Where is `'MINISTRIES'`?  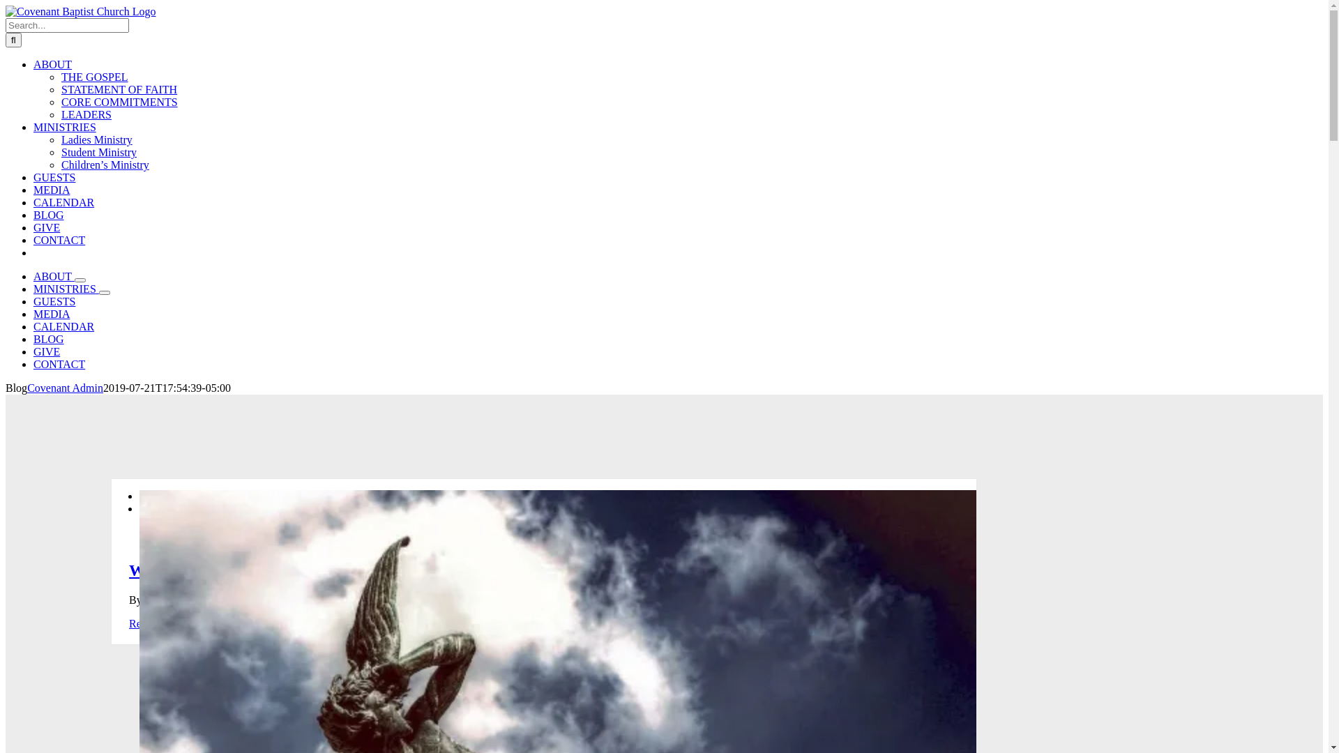 'MINISTRIES' is located at coordinates (63, 127).